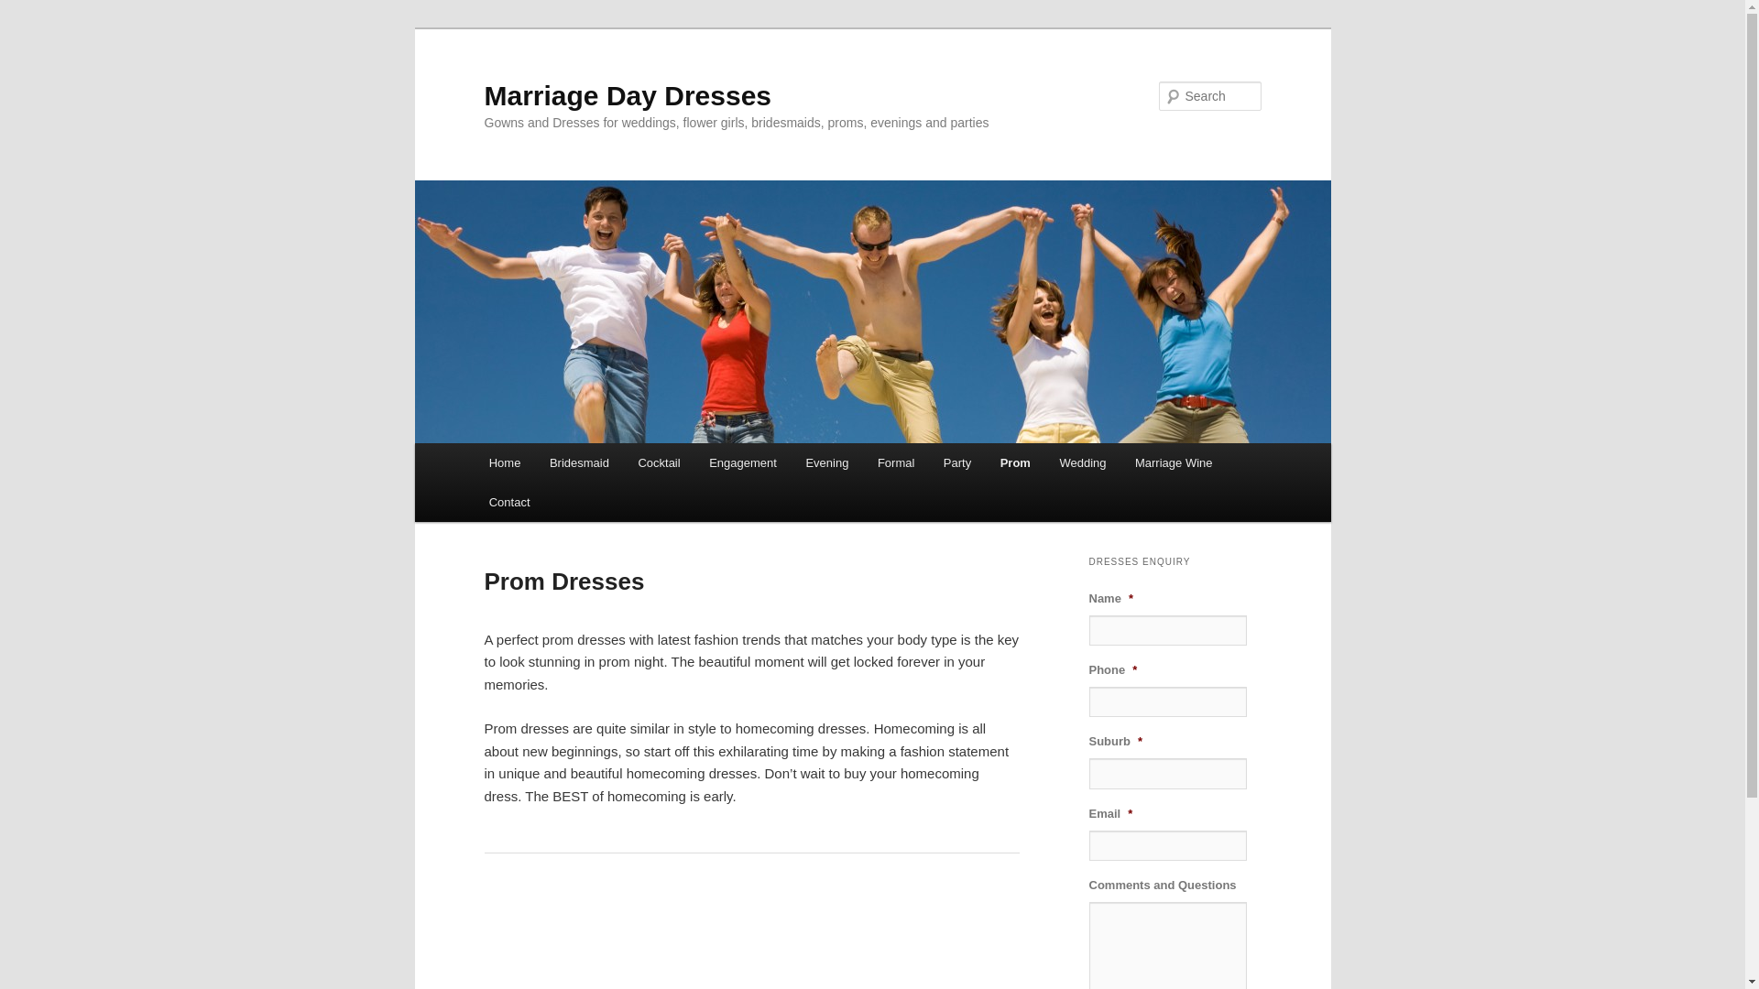 Image resolution: width=1759 pixels, height=989 pixels. I want to click on 'Evening', so click(825, 462).